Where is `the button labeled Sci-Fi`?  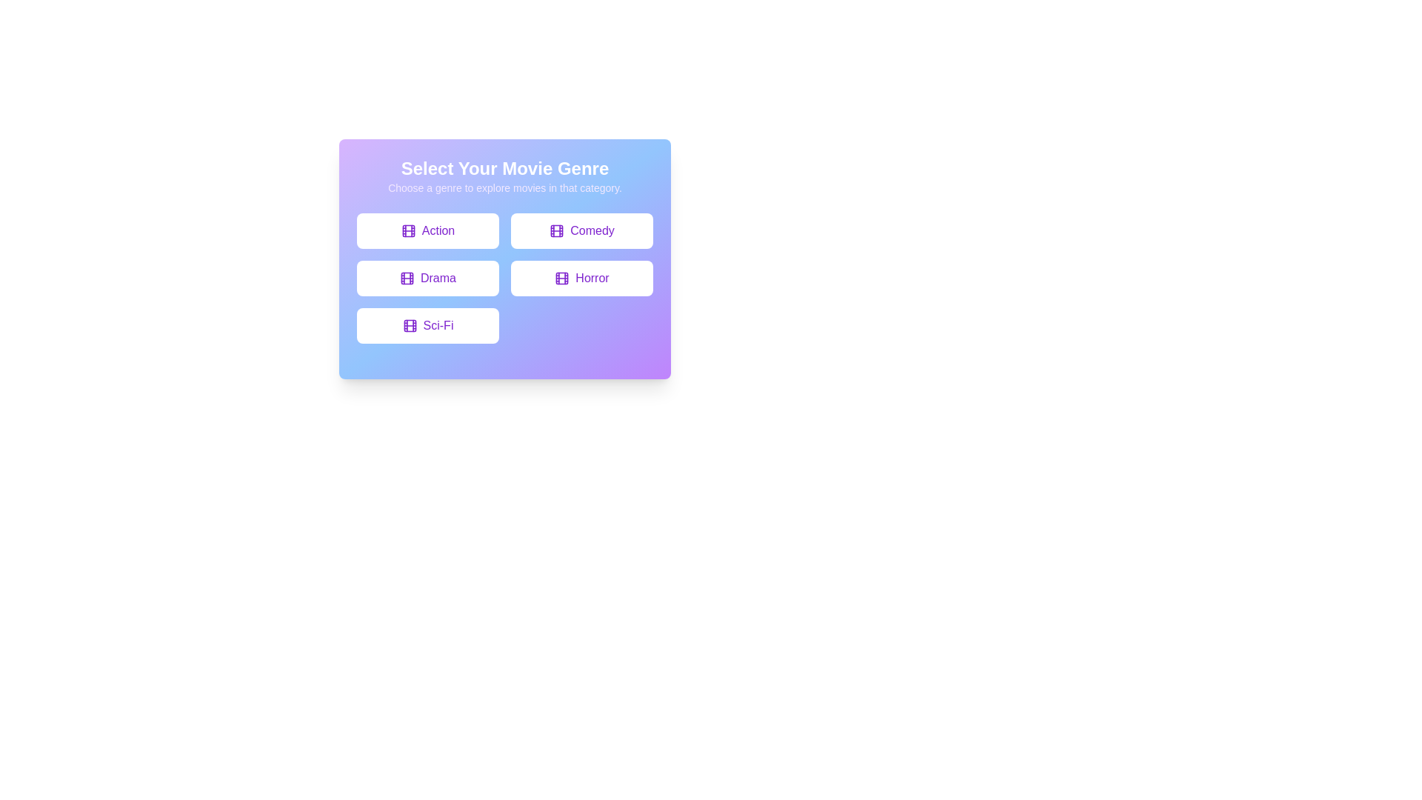 the button labeled Sci-Fi is located at coordinates (427, 324).